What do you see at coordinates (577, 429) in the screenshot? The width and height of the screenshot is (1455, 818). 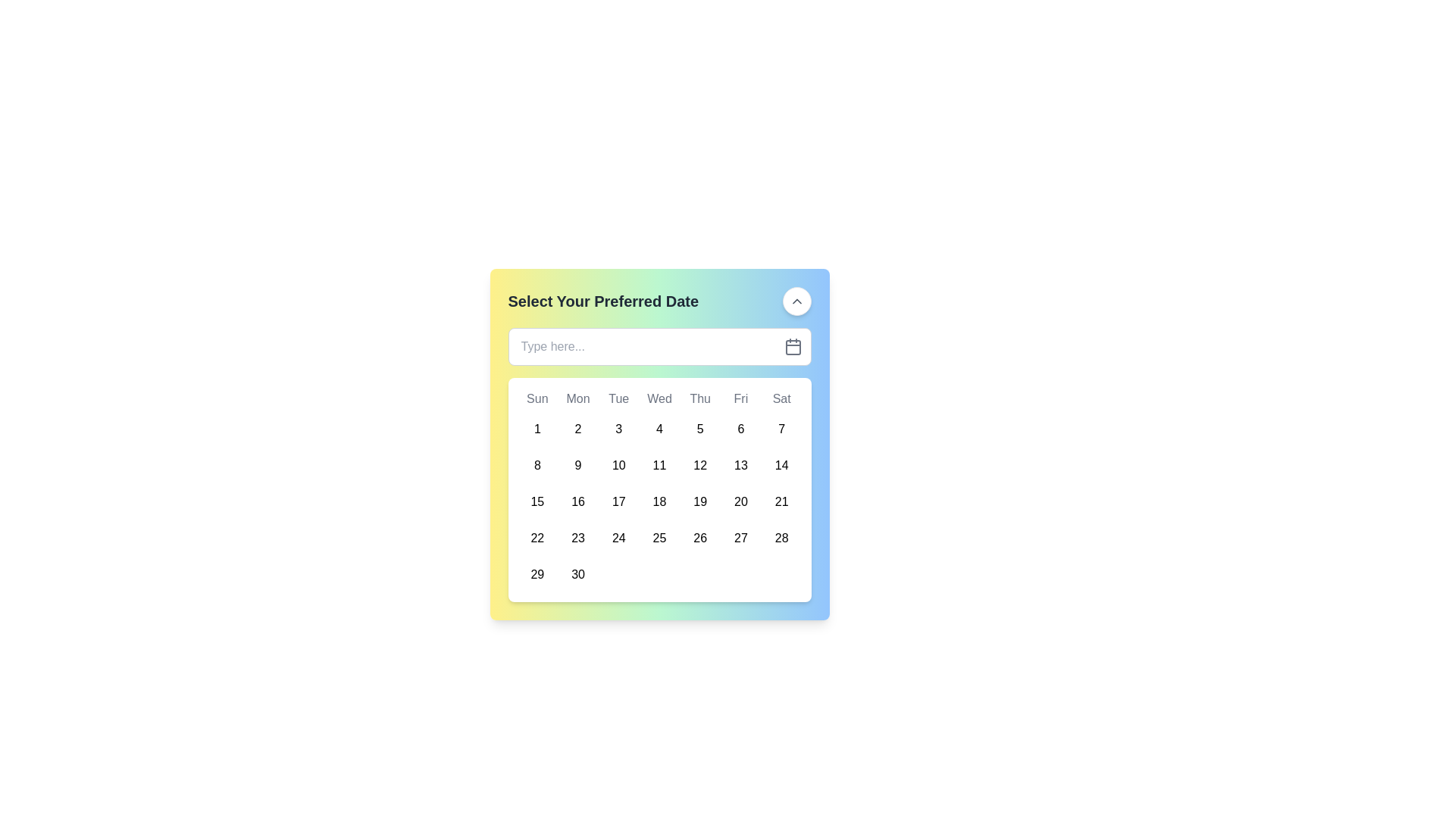 I see `the circular button displaying the number '2'` at bounding box center [577, 429].